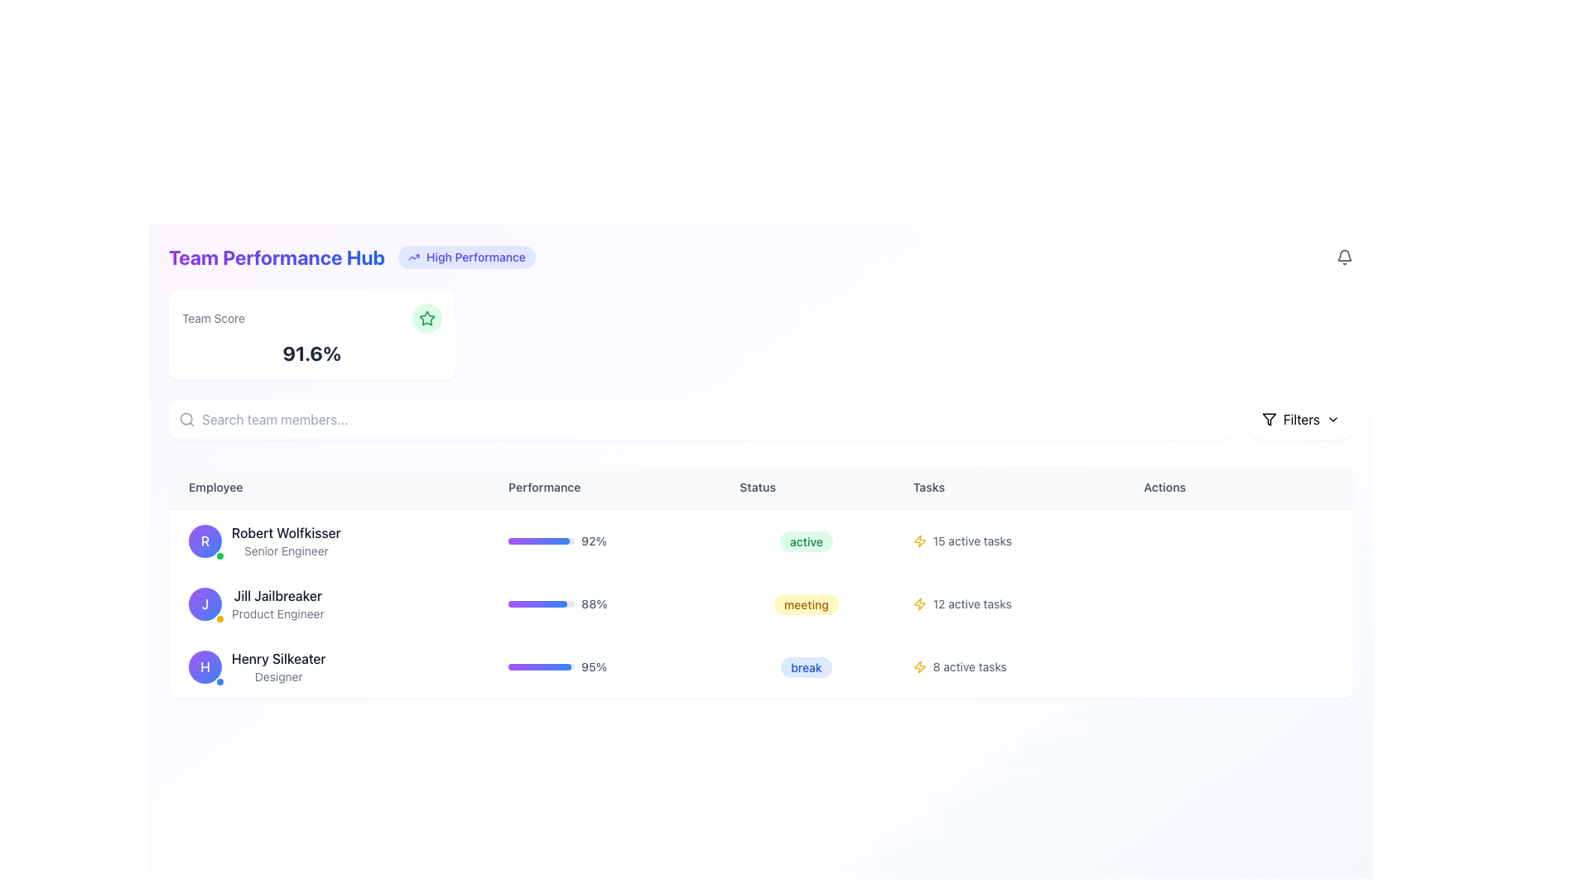  What do you see at coordinates (1268, 418) in the screenshot?
I see `the filter funnel icon located within the 'Filters' section` at bounding box center [1268, 418].